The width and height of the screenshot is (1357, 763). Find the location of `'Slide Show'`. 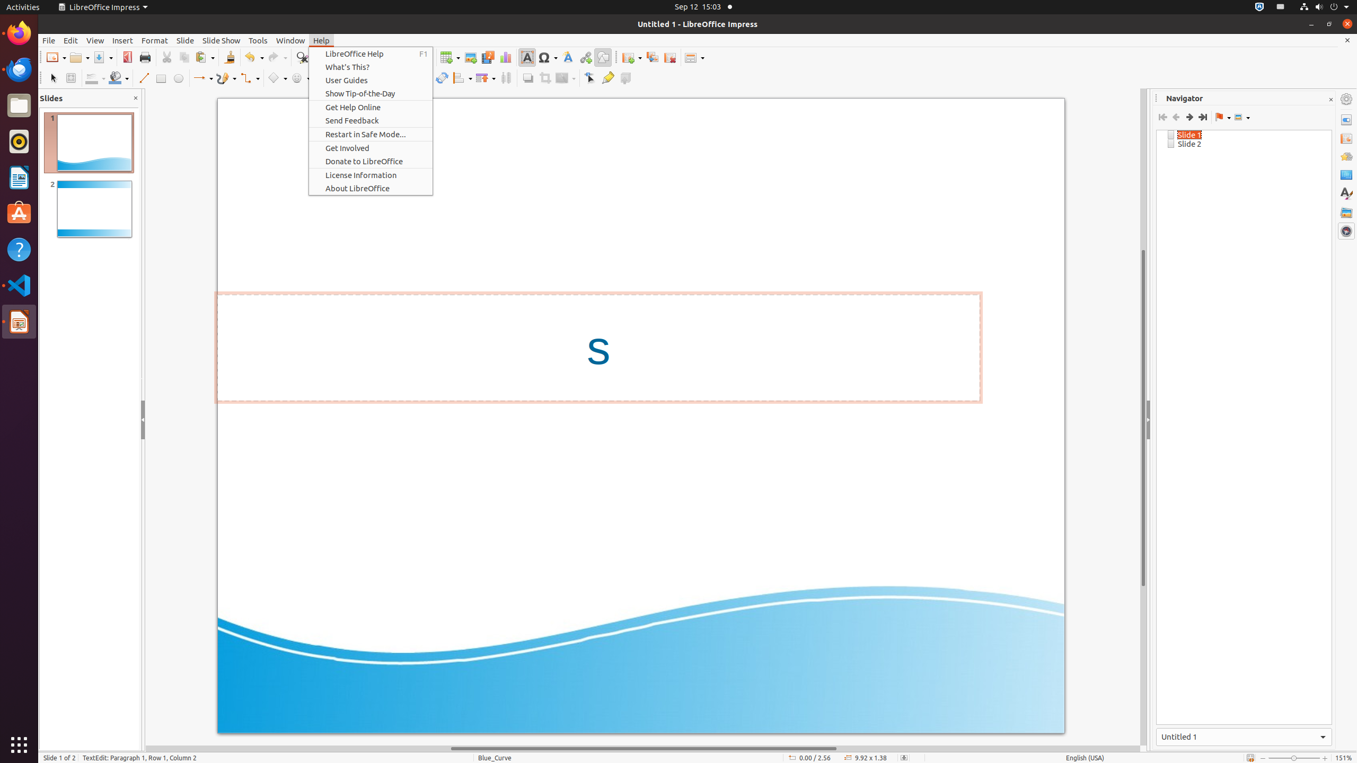

'Slide Show' is located at coordinates (221, 40).